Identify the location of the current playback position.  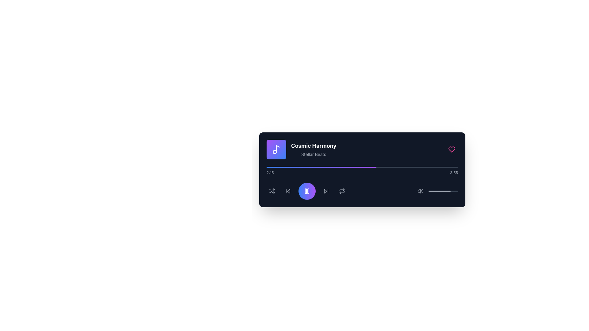
(302, 167).